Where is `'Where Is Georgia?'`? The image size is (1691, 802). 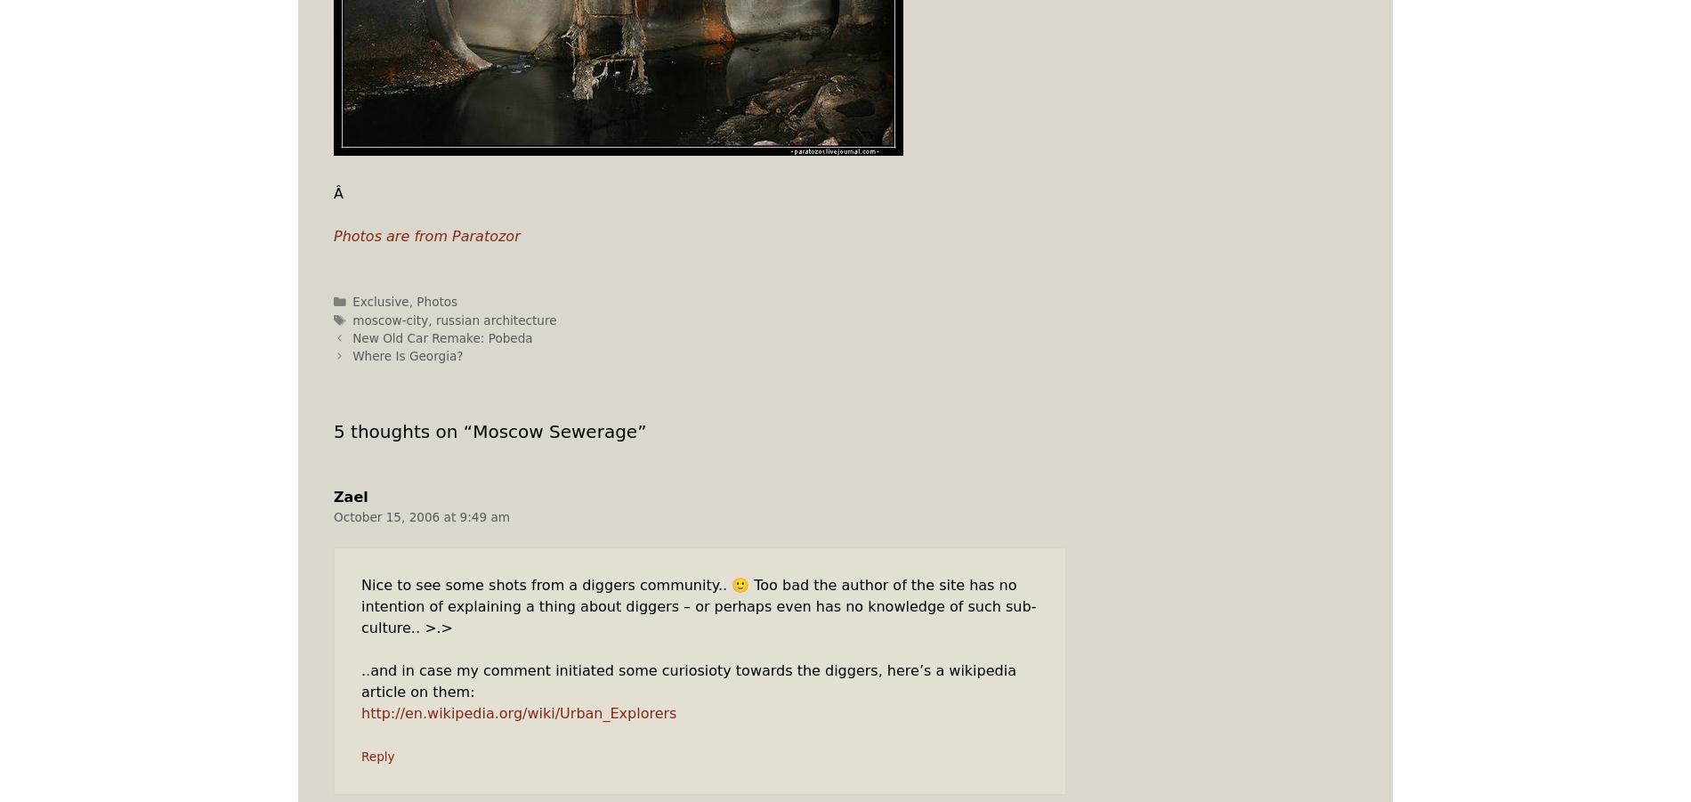 'Where Is Georgia?' is located at coordinates (407, 355).